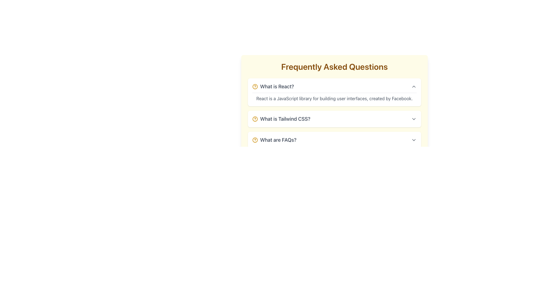  What do you see at coordinates (414, 86) in the screenshot?
I see `the Chevron icon located on the far right of the FAQ item 'What is React?'` at bounding box center [414, 86].